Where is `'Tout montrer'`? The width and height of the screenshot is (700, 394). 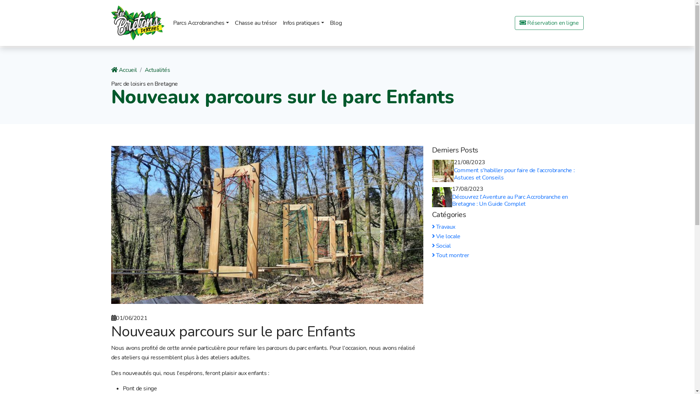 'Tout montrer' is located at coordinates (450, 255).